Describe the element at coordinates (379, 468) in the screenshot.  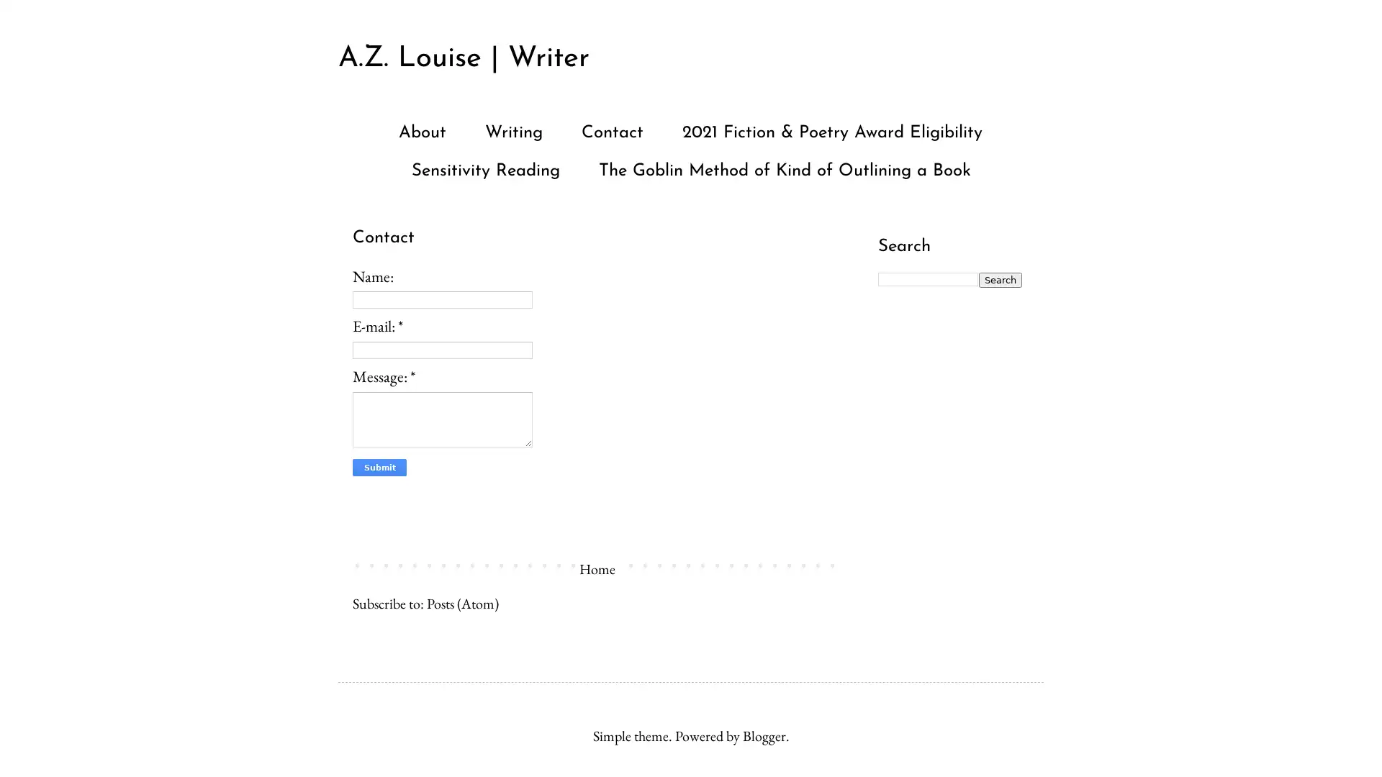
I see `Submit` at that location.